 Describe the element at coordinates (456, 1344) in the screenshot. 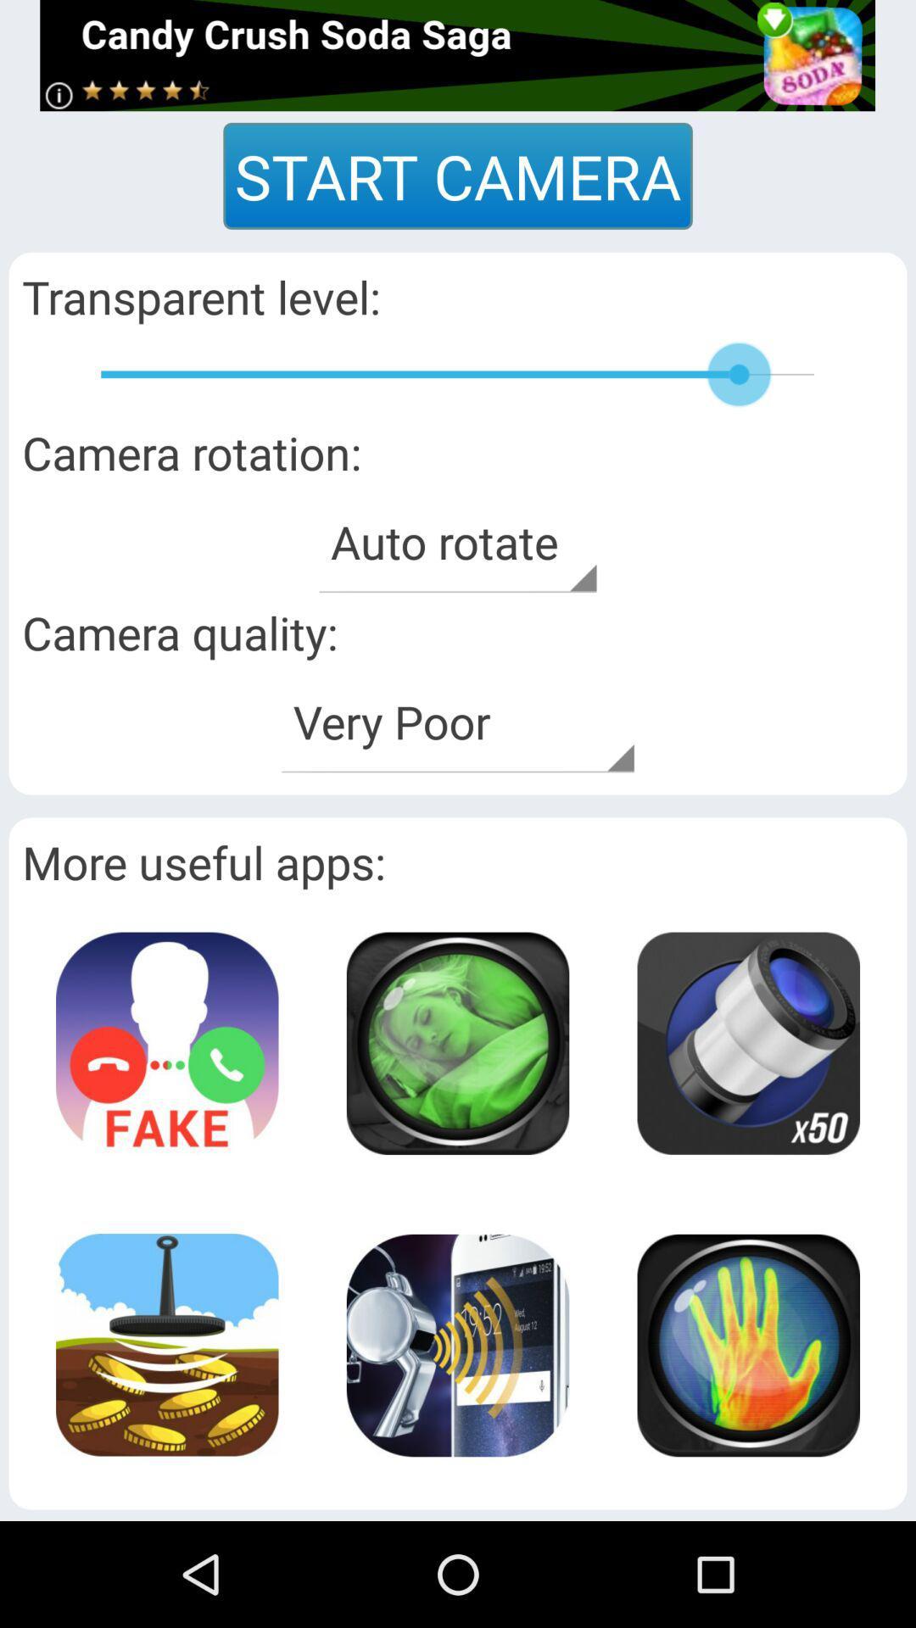

I see `image page` at that location.